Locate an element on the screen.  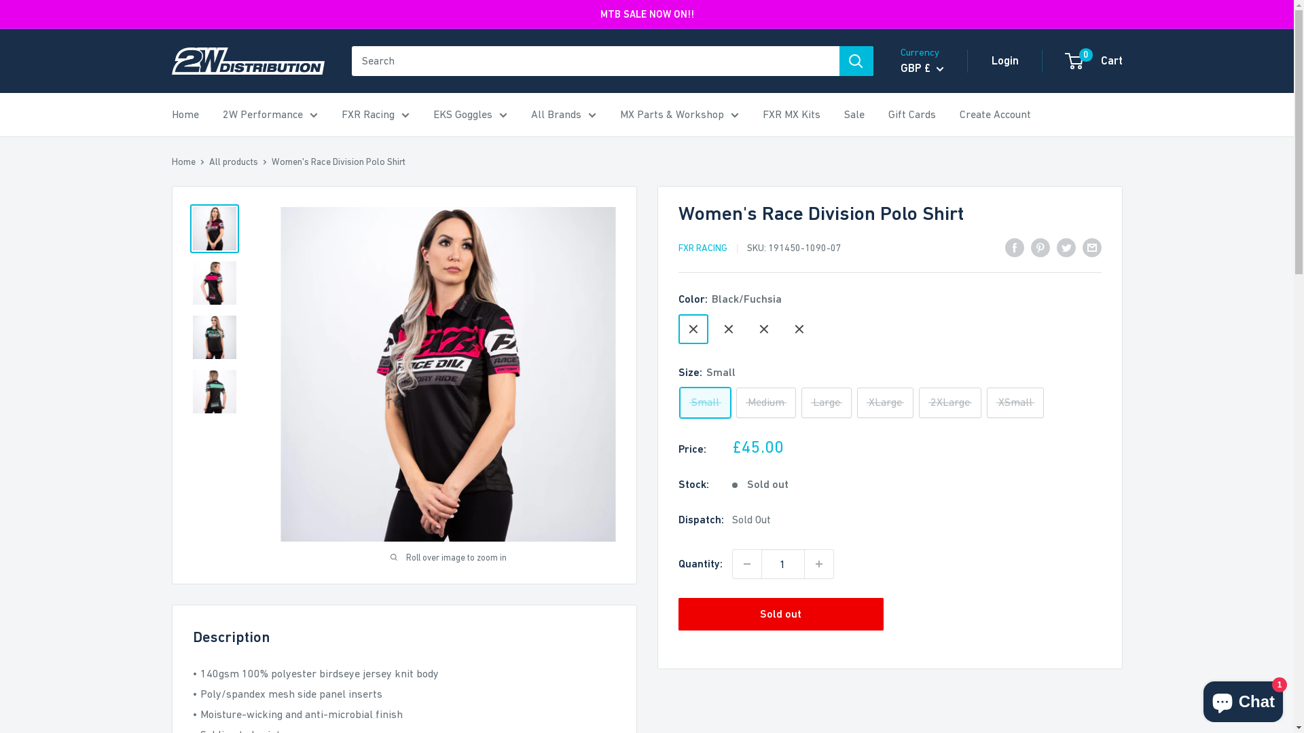
'Login' is located at coordinates (1004, 60).